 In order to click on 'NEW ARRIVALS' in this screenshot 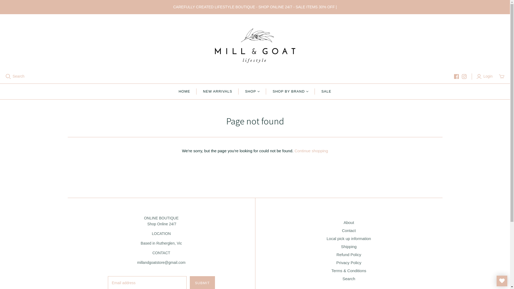, I will do `click(217, 91)`.